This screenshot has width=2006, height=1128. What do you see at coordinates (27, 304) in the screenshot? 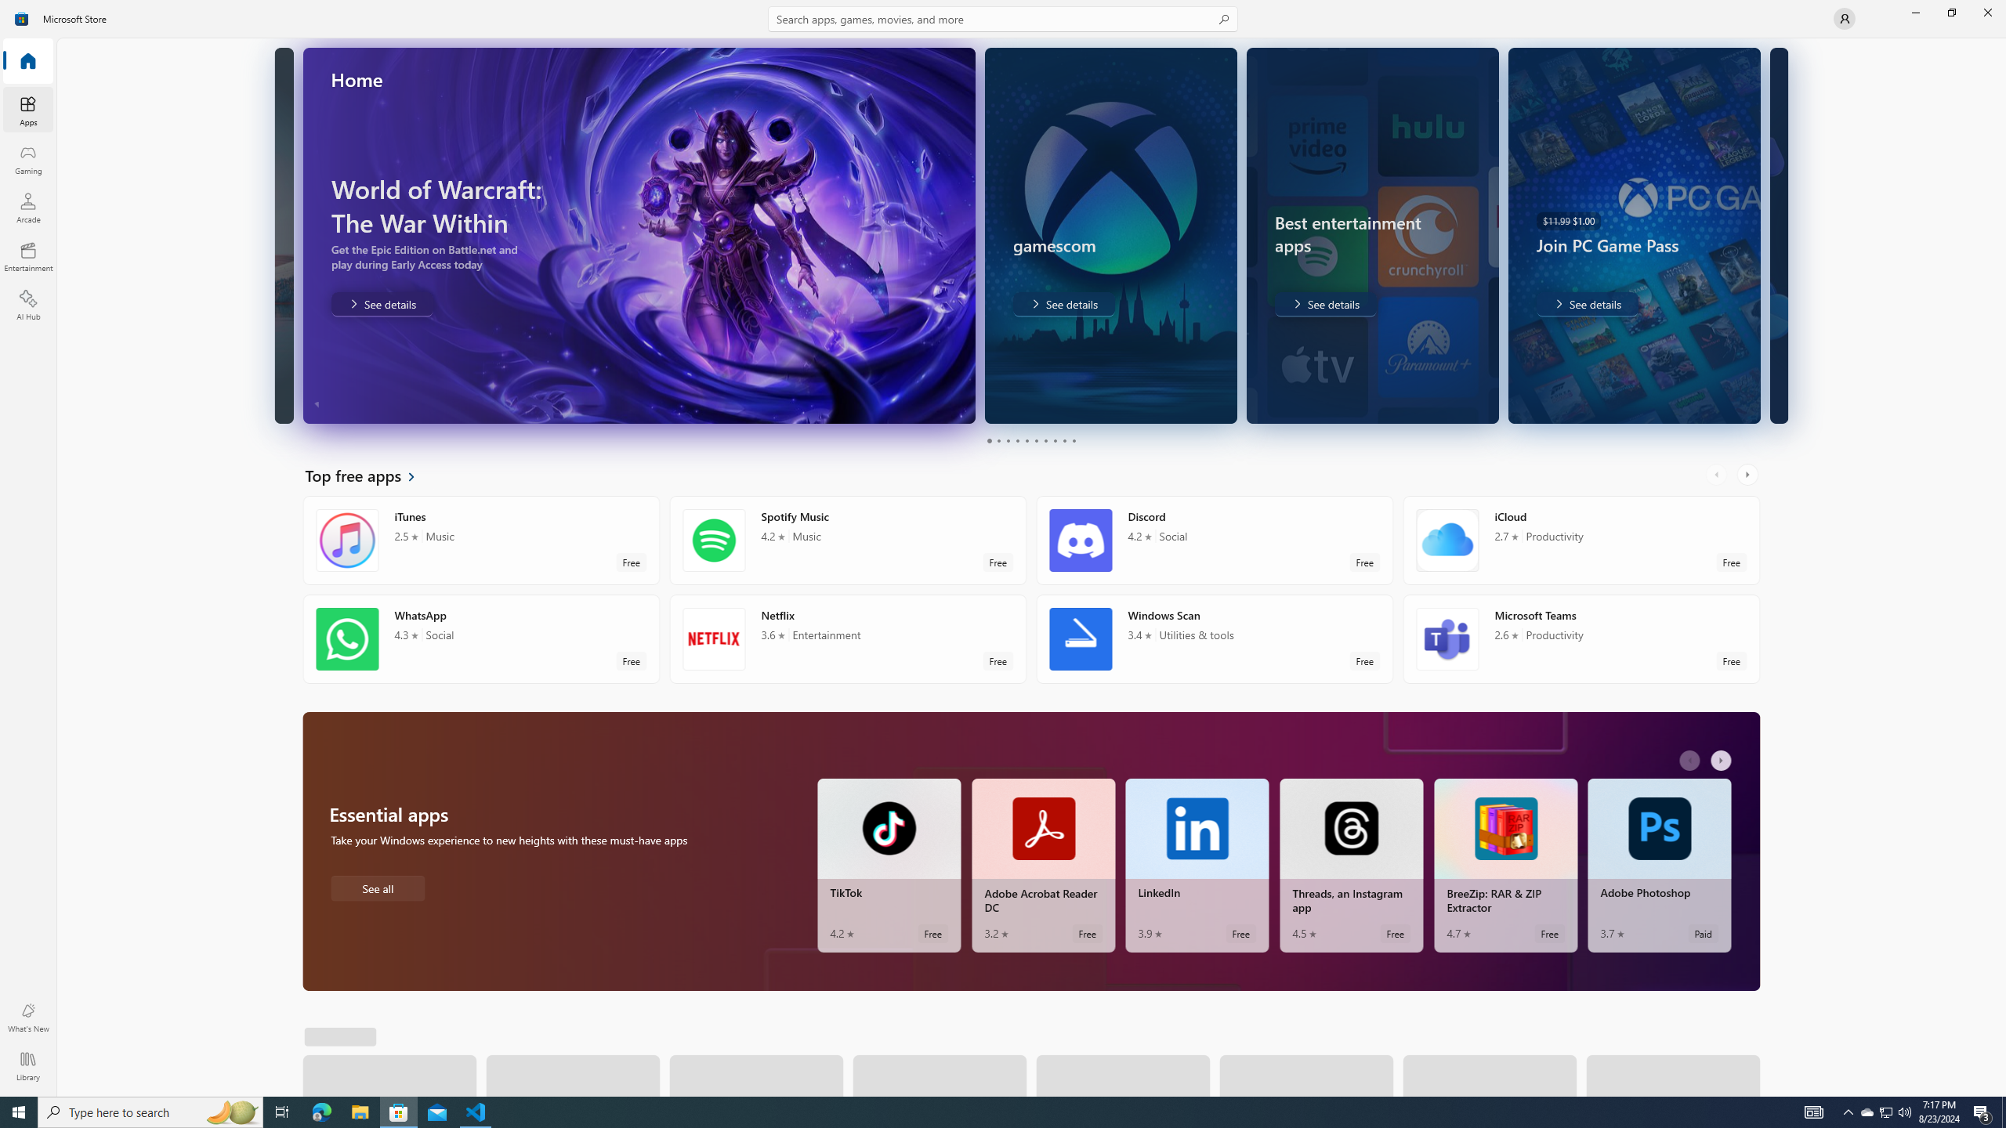
I see `'AI Hub'` at bounding box center [27, 304].